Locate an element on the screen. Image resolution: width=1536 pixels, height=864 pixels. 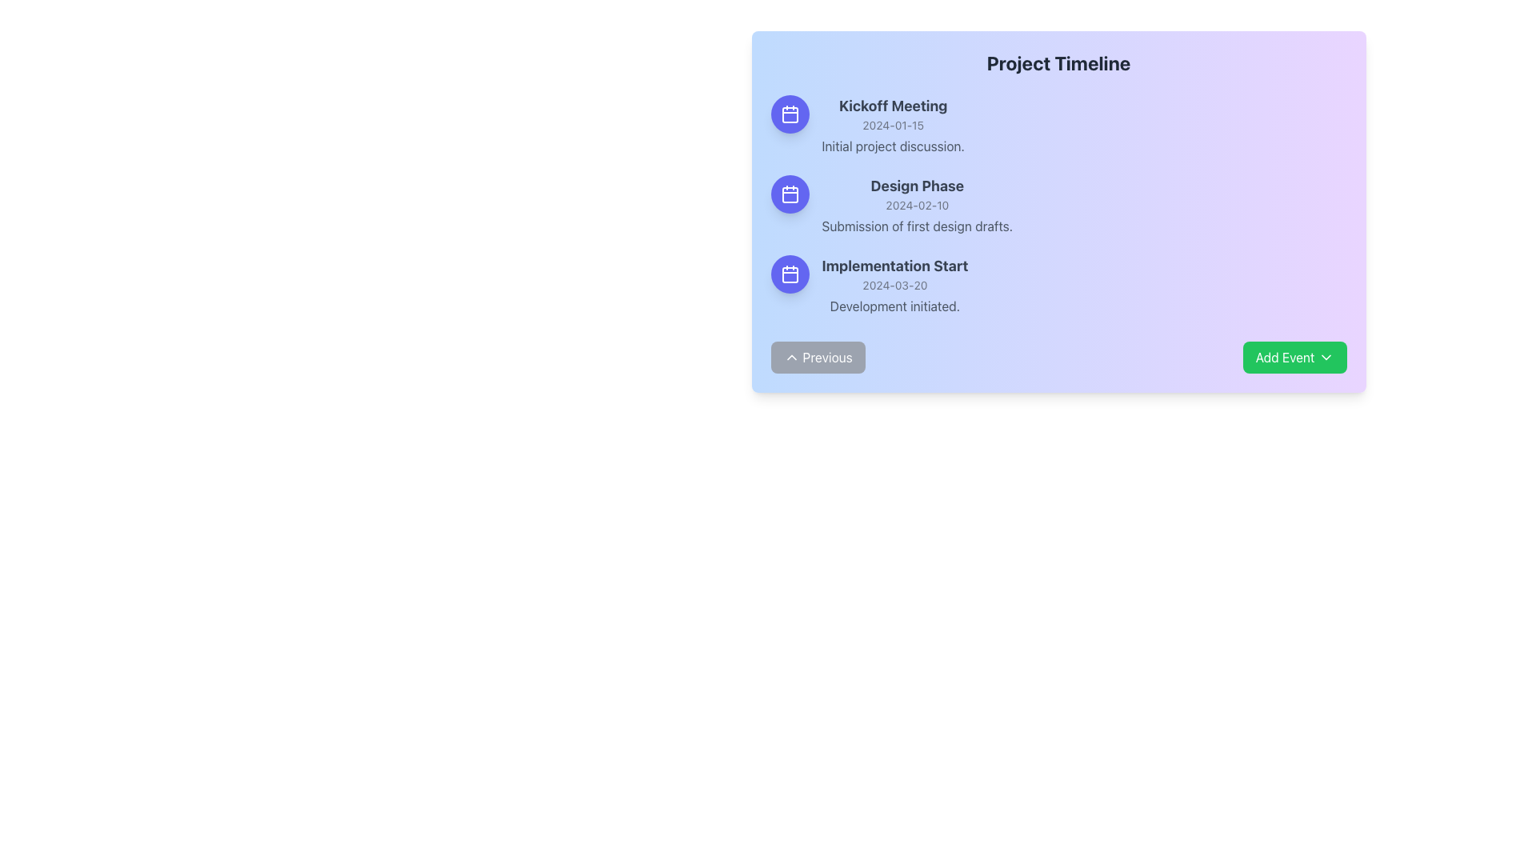
the calendar icon, which is the third icon in a vertical series representing timeline events, located in the 'Implementation Start' section is located at coordinates (790, 274).